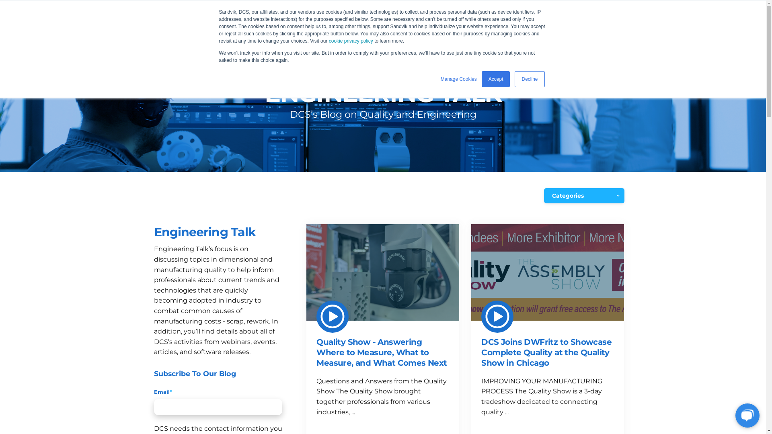 The height and width of the screenshot is (434, 772). I want to click on 'BLOG', so click(519, 31).